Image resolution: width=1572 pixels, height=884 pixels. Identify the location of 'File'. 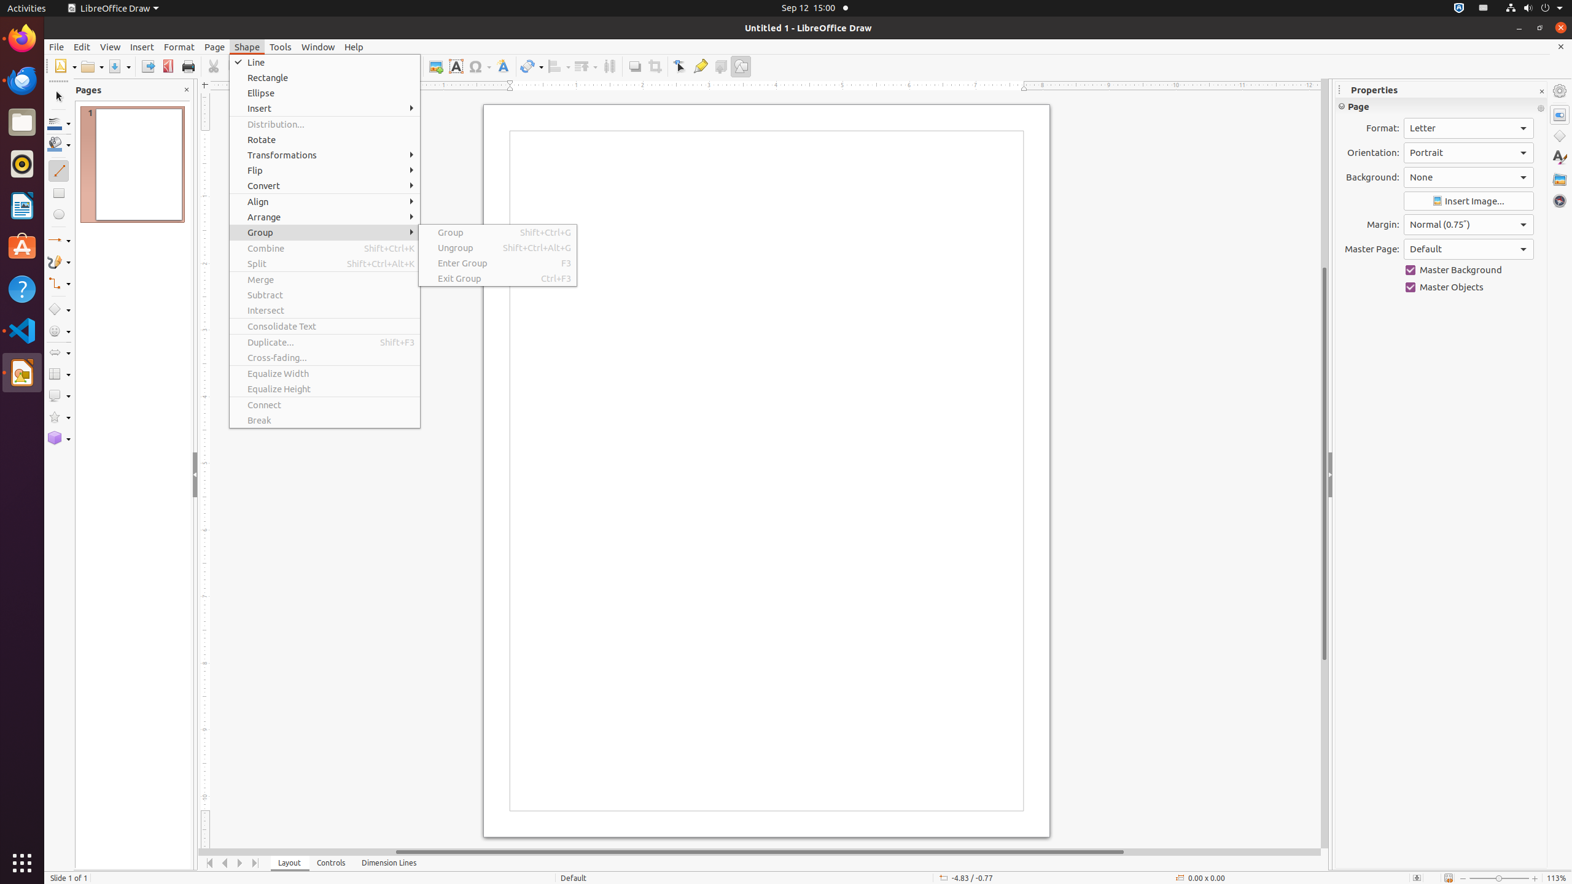
(55, 47).